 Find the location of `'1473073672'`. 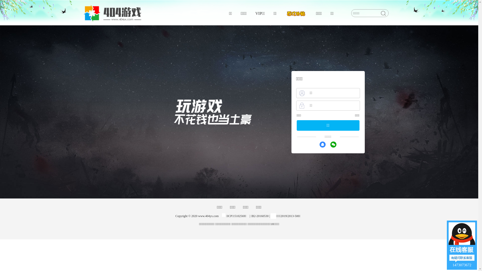

'1473073672' is located at coordinates (462, 245).